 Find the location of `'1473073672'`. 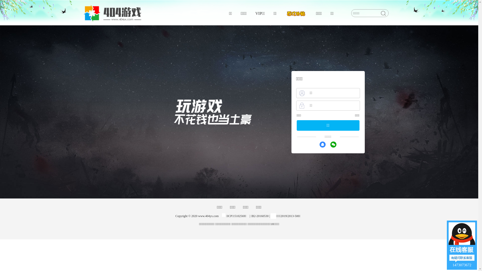

'1473073672' is located at coordinates (462, 245).